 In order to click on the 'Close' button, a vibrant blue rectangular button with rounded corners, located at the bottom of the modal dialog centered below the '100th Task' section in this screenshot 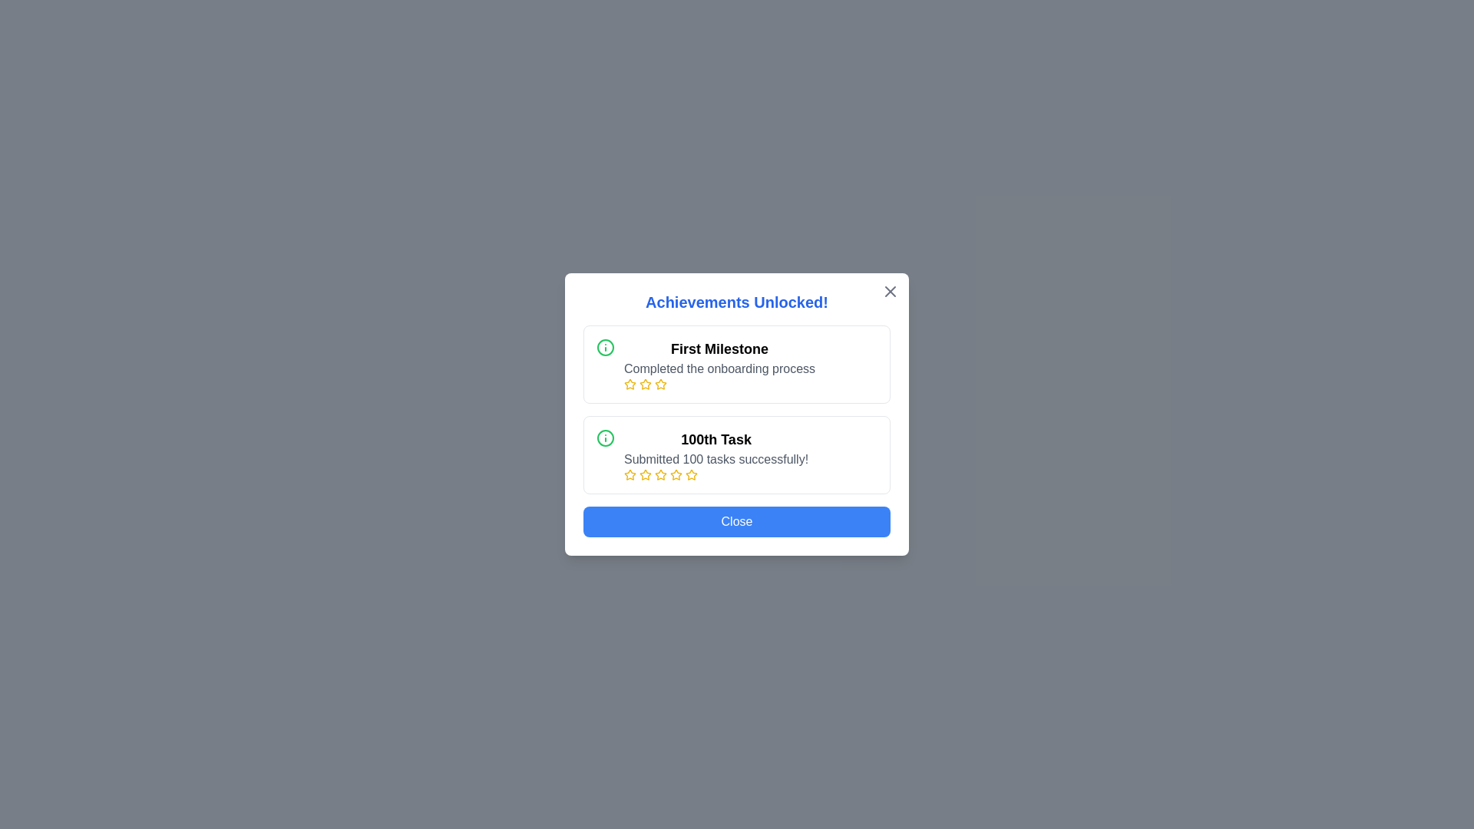, I will do `click(737, 520)`.